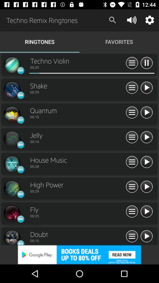  Describe the element at coordinates (146, 187) in the screenshot. I see `click arrow button` at that location.